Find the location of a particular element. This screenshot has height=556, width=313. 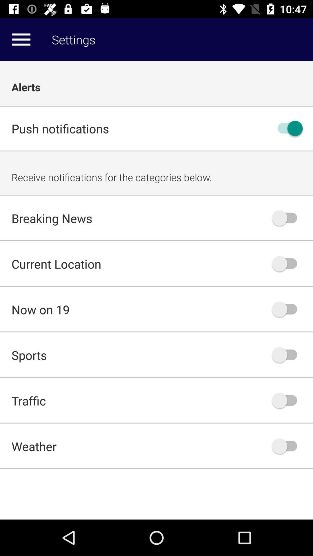

now on 19 option is located at coordinates (287, 309).